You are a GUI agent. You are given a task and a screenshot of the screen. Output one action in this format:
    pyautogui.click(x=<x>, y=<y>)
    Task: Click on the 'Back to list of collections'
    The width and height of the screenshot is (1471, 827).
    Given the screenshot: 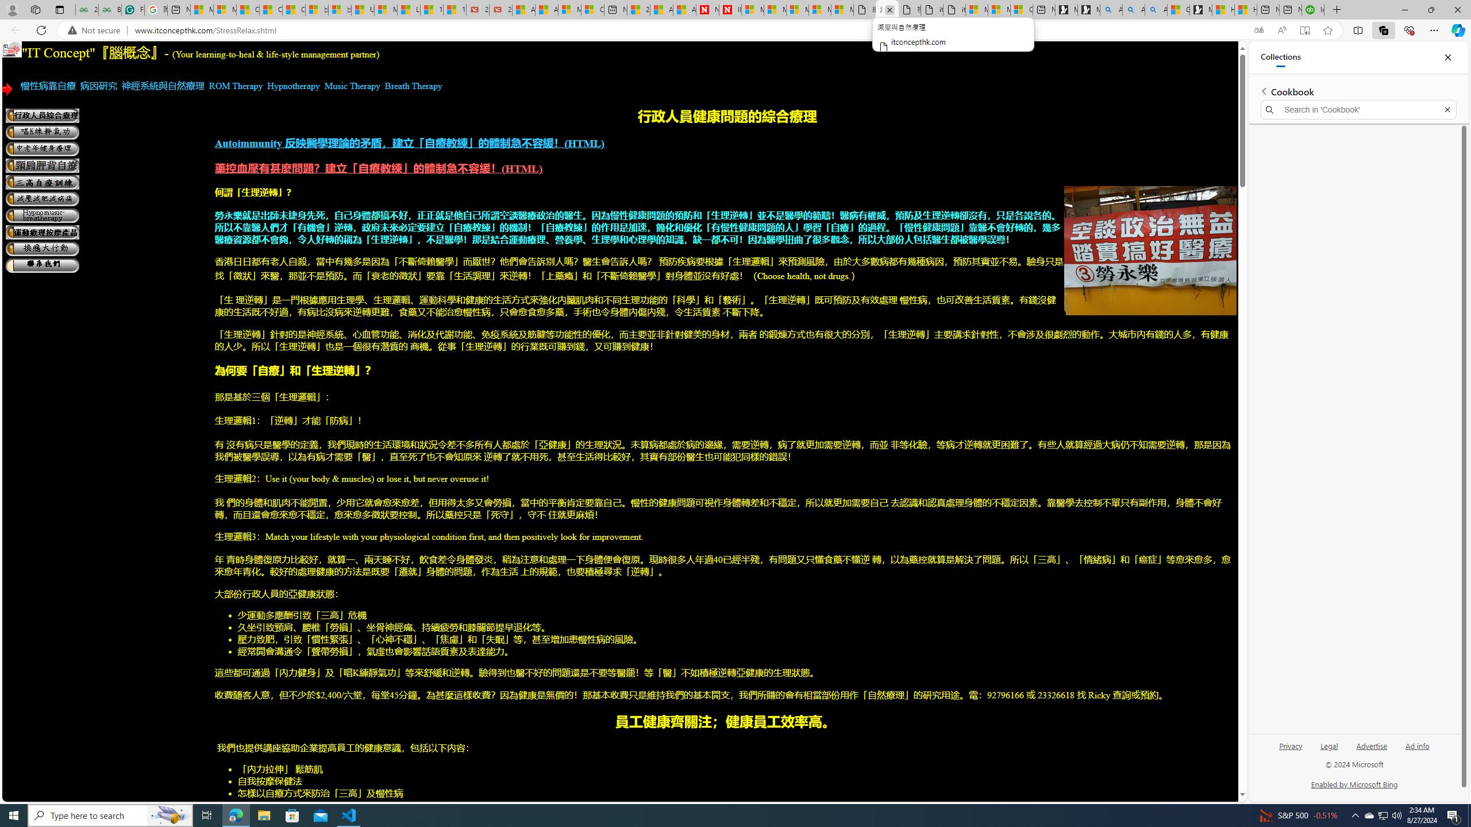 What is the action you would take?
    pyautogui.click(x=1263, y=91)
    